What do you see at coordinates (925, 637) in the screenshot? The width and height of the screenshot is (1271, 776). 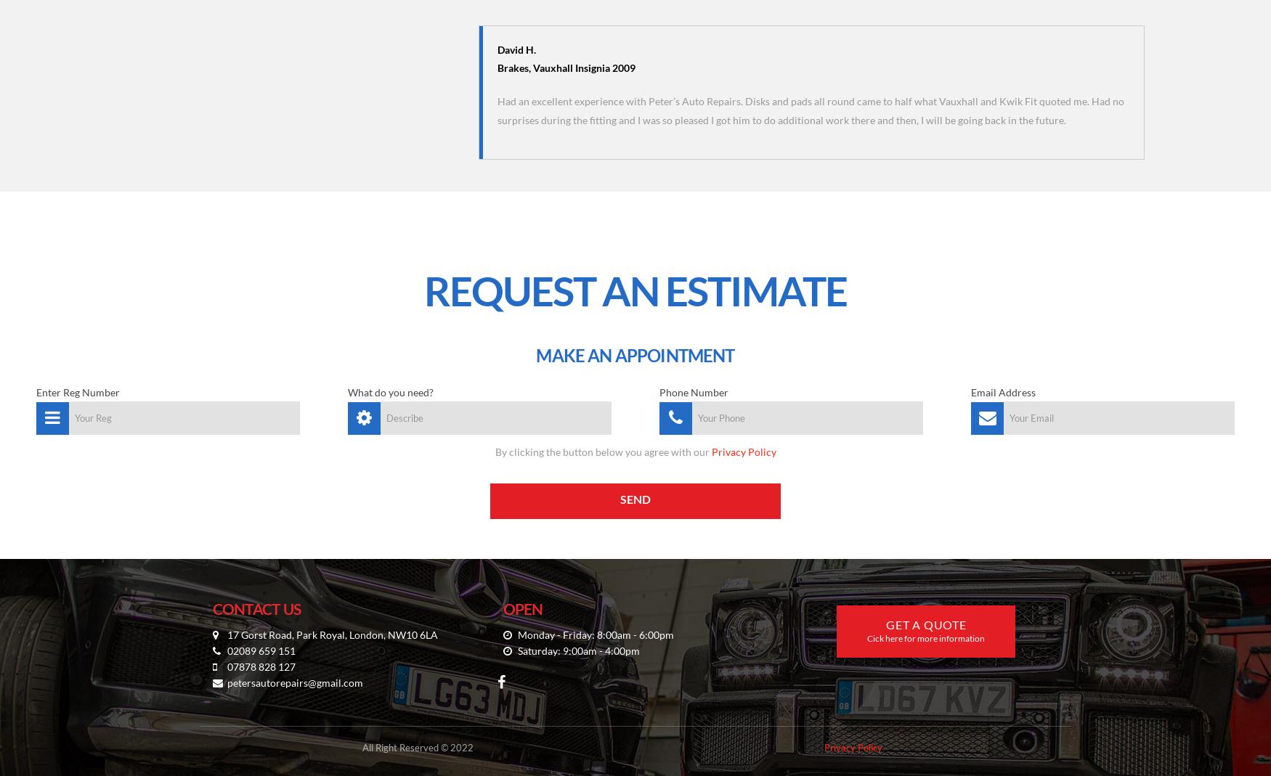 I see `'Cick here for more information'` at bounding box center [925, 637].